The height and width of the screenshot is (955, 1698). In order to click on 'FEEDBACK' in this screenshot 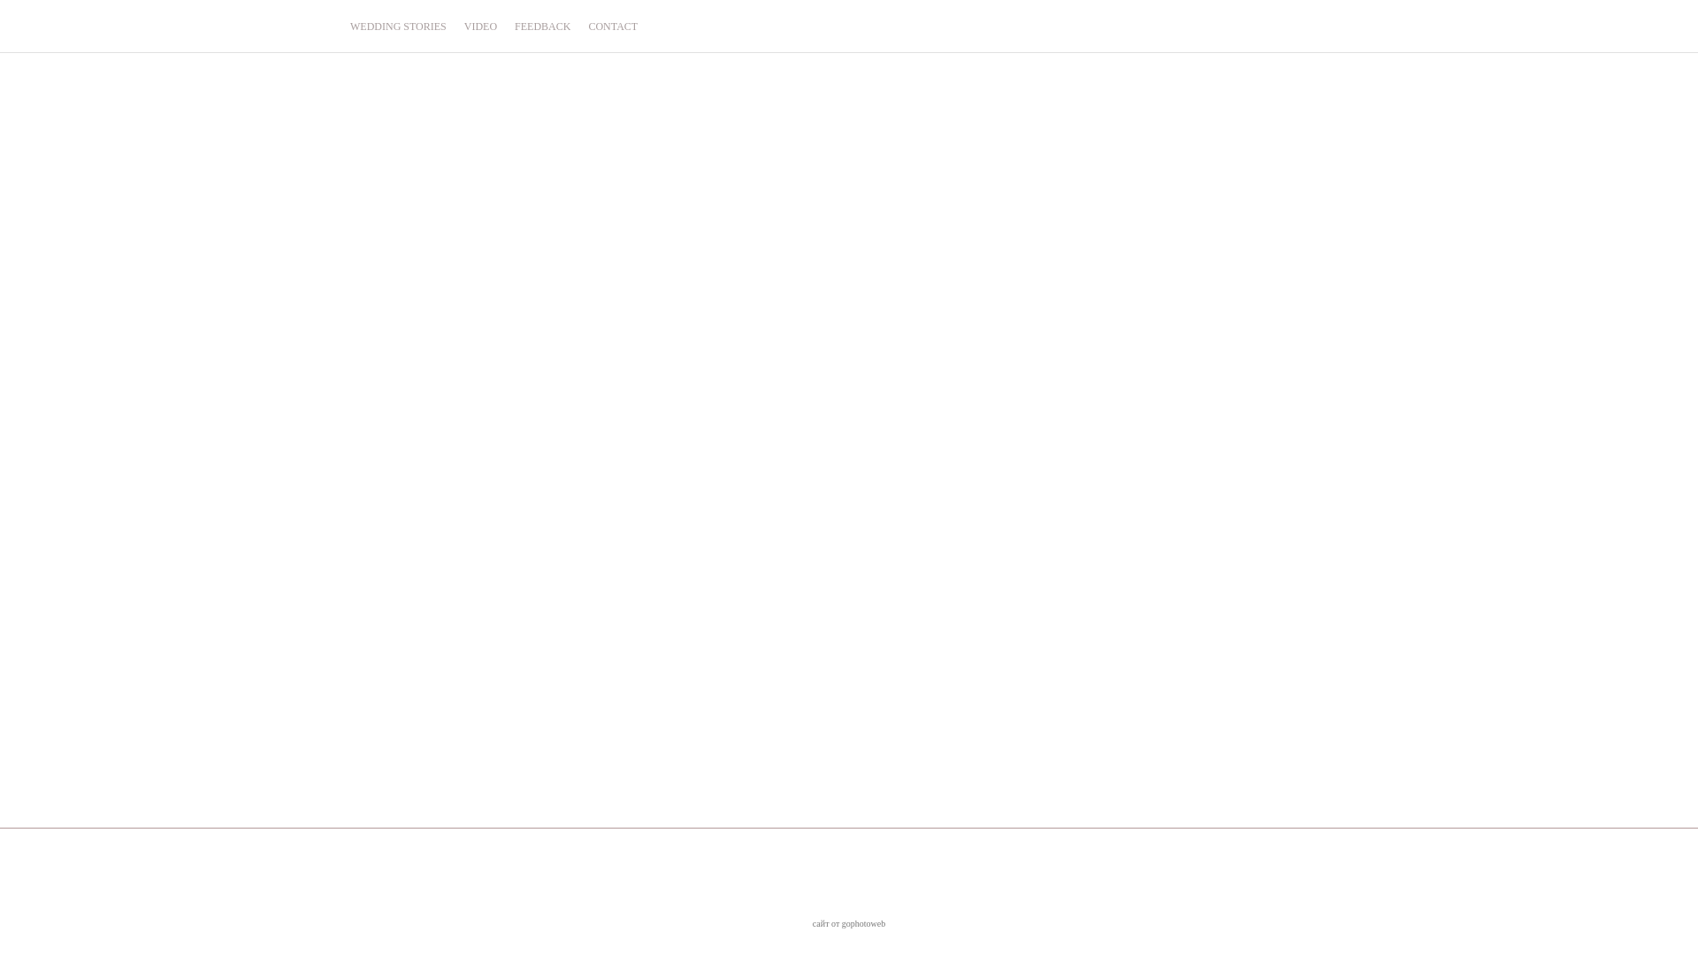, I will do `click(541, 26)`.